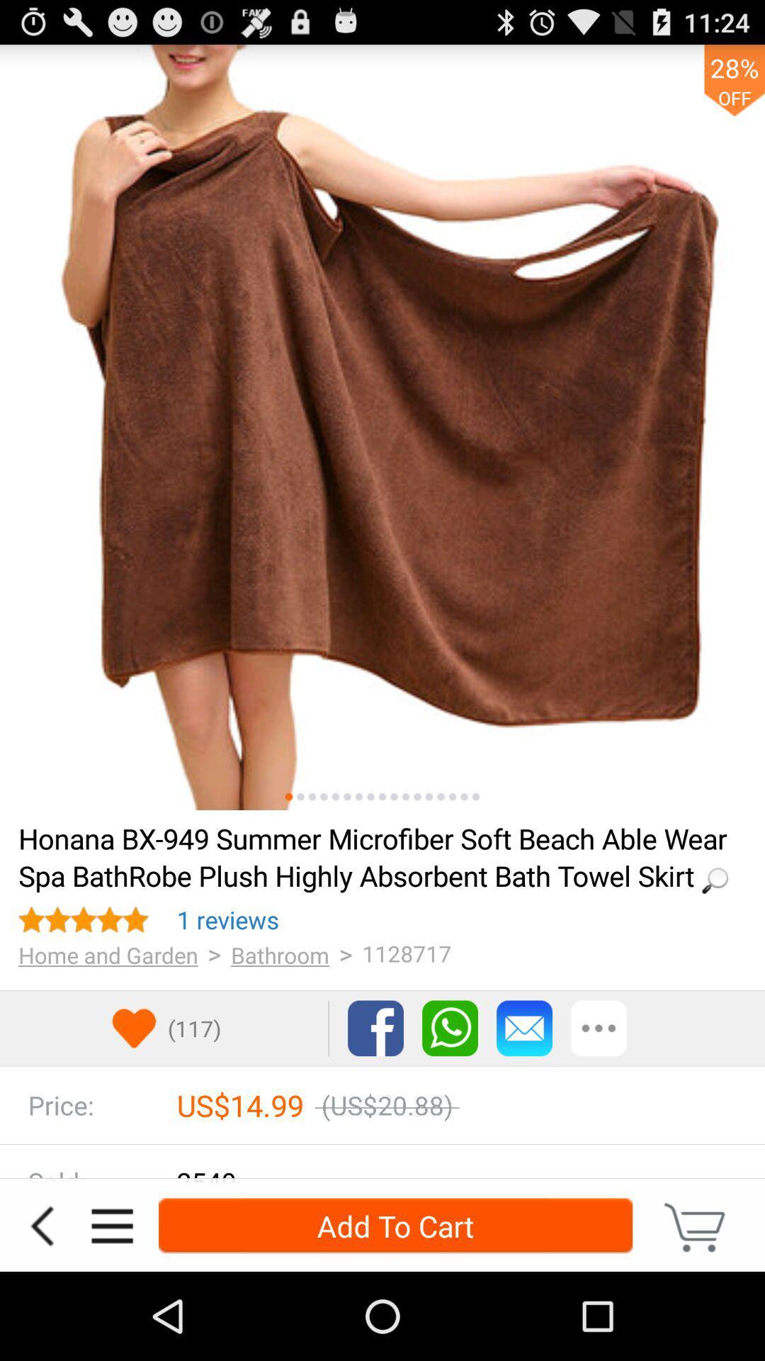 This screenshot has width=765, height=1361. What do you see at coordinates (41, 1225) in the screenshot?
I see `backpage` at bounding box center [41, 1225].